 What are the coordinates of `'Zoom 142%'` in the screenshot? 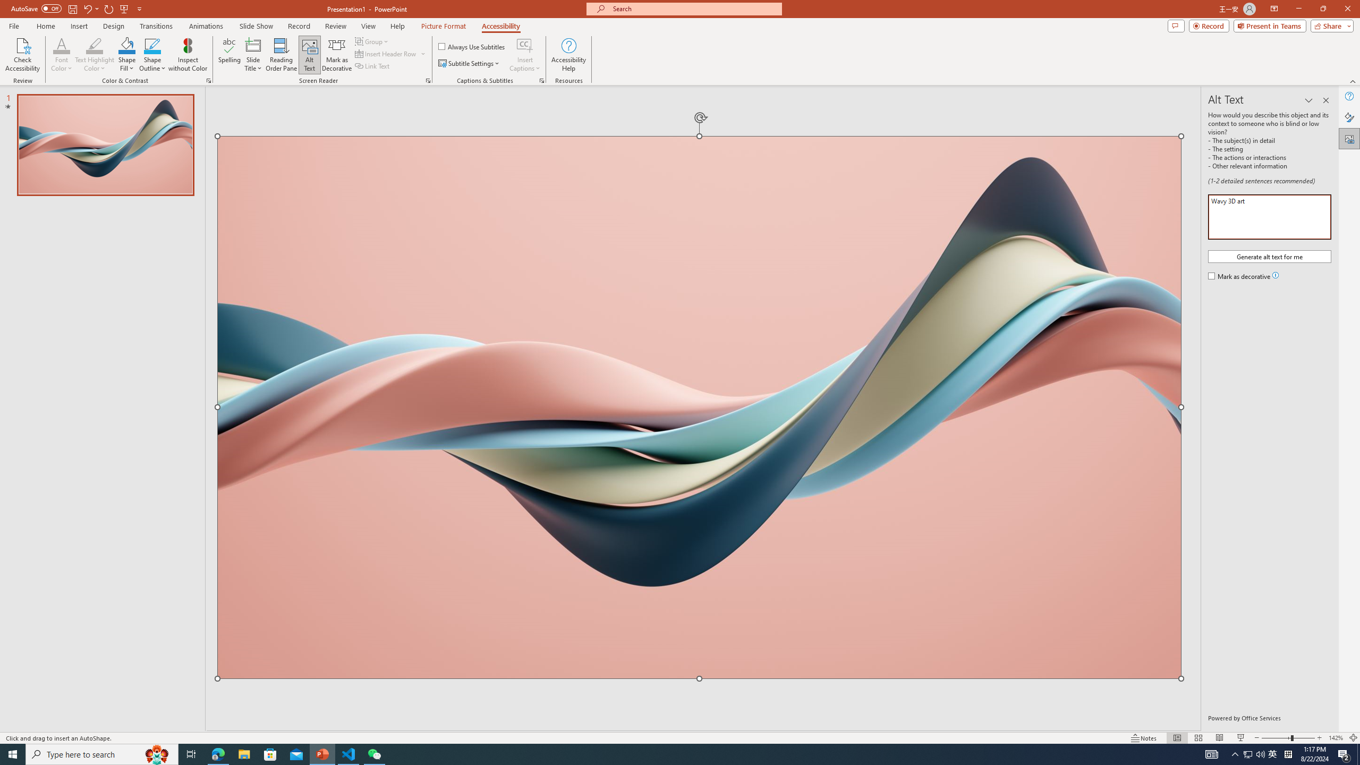 It's located at (1336, 738).